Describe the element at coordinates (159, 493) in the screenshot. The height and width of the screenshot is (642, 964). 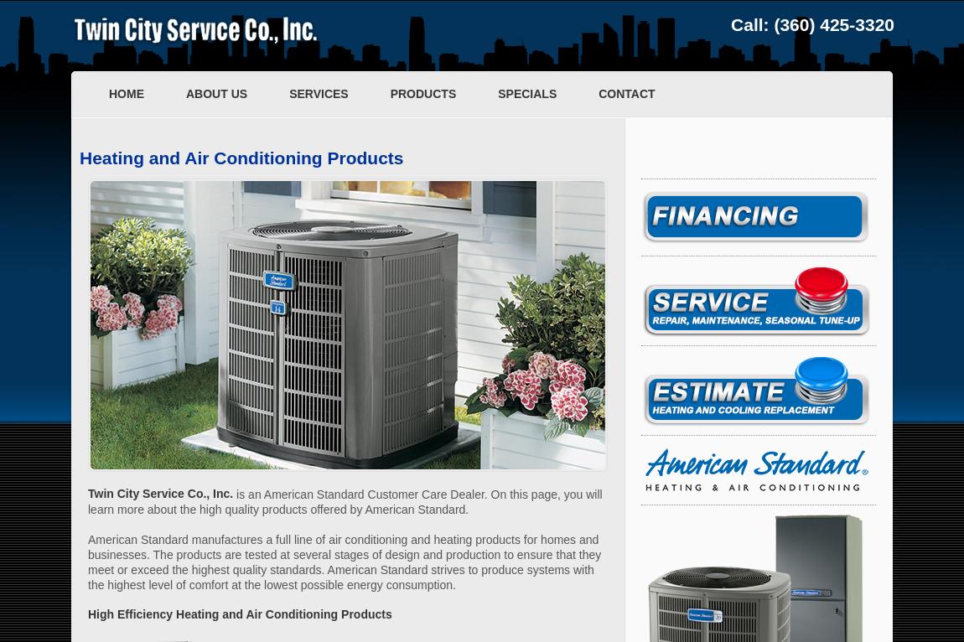
I see `'Twin City Service Co., Inc.'` at that location.